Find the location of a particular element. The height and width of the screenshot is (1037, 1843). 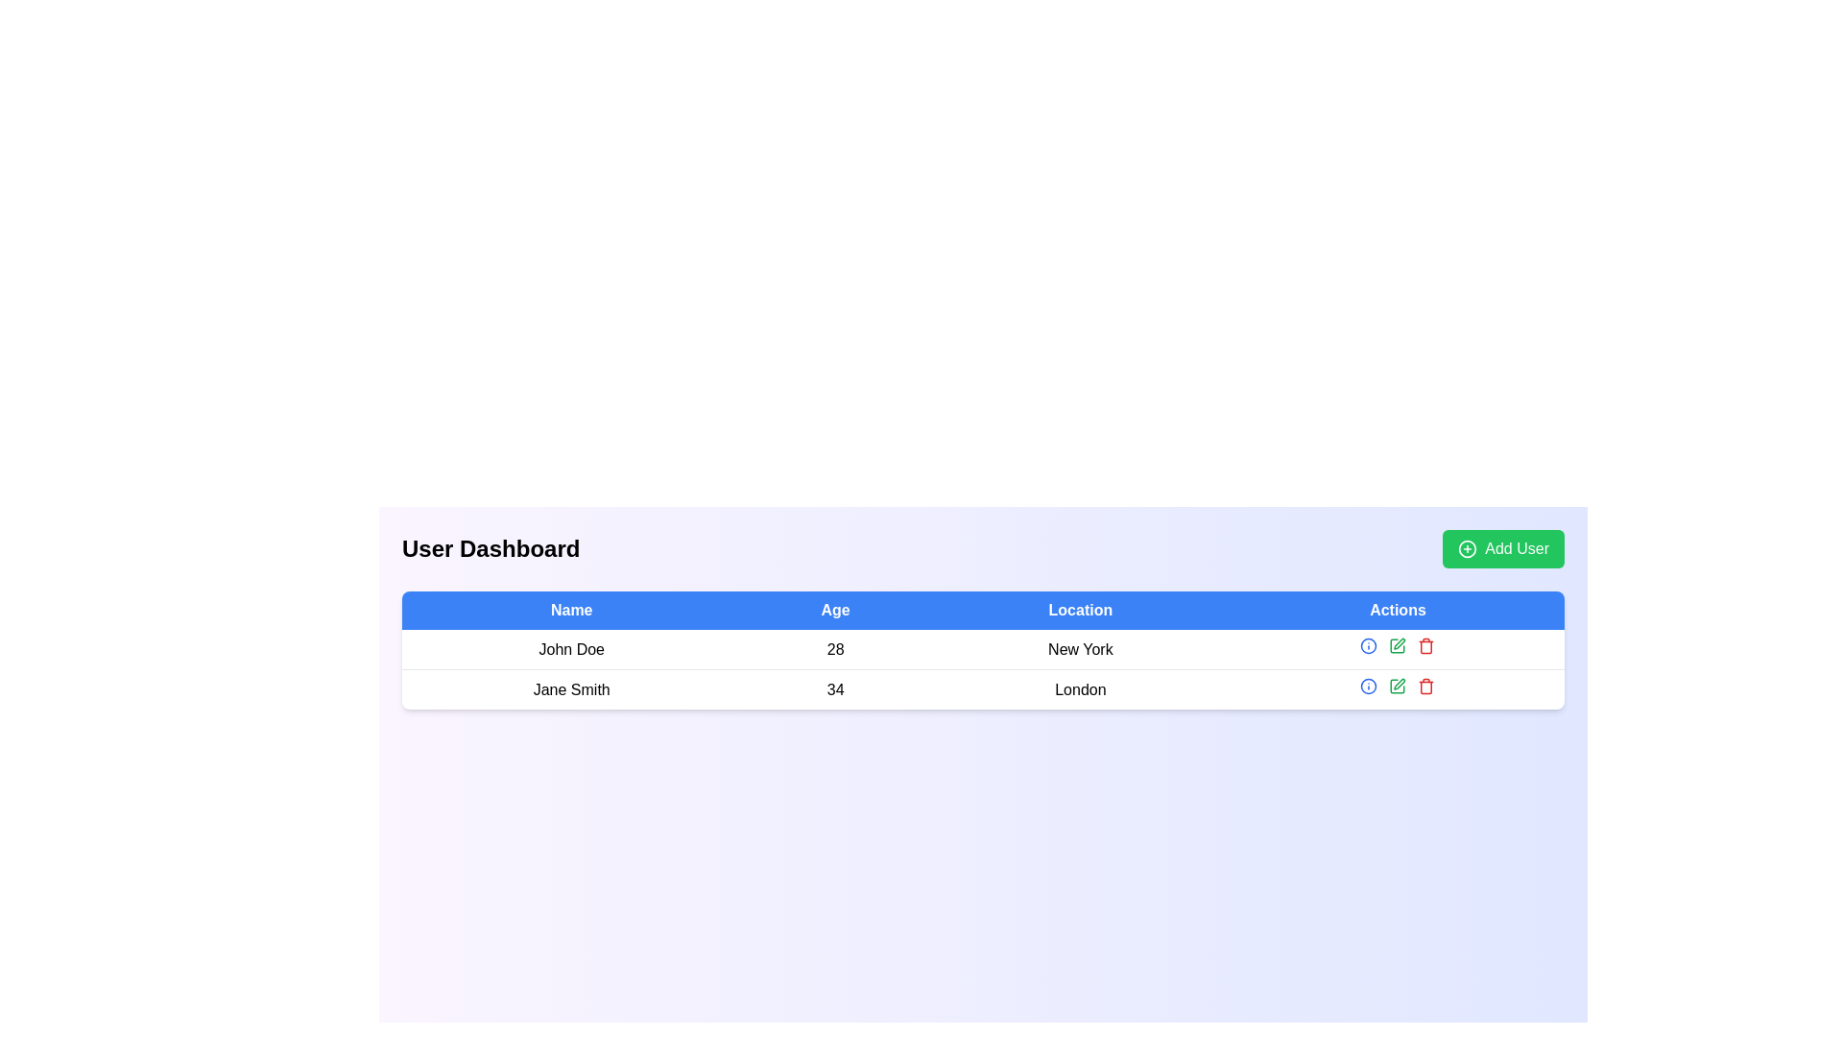

the first Icon button in the 'Actions' column for 'Jane Smith' to get additional information is located at coordinates (1368, 645).